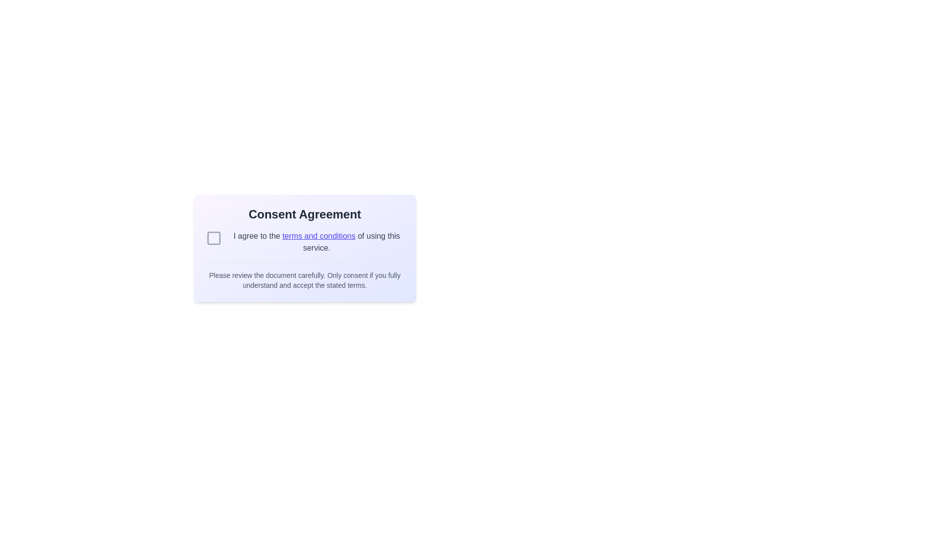  Describe the element at coordinates (213, 238) in the screenshot. I see `the checkbox for agreeing to terms and conditions, which is a square with rounded corners and an unfilled icon beside the text label` at that location.